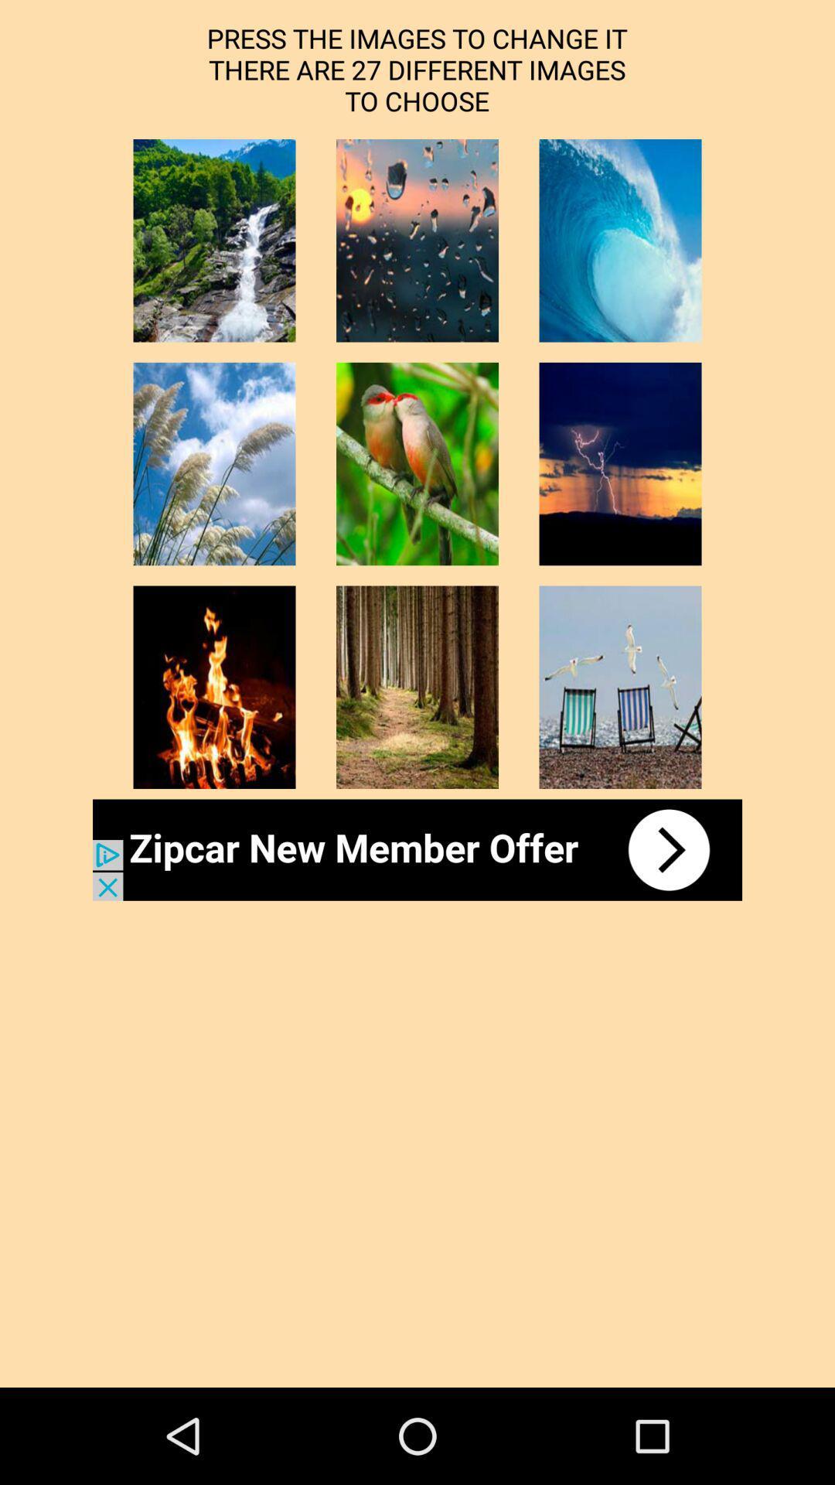 The width and height of the screenshot is (835, 1485). I want to click on fire, so click(214, 686).